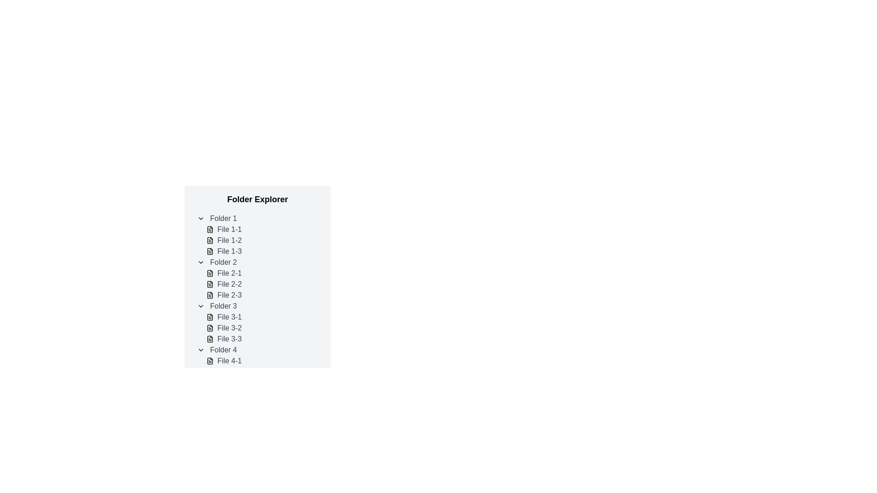 This screenshot has width=877, height=493. Describe the element at coordinates (223, 306) in the screenshot. I see `the text label 'Folder 3' styled in gray font` at that location.